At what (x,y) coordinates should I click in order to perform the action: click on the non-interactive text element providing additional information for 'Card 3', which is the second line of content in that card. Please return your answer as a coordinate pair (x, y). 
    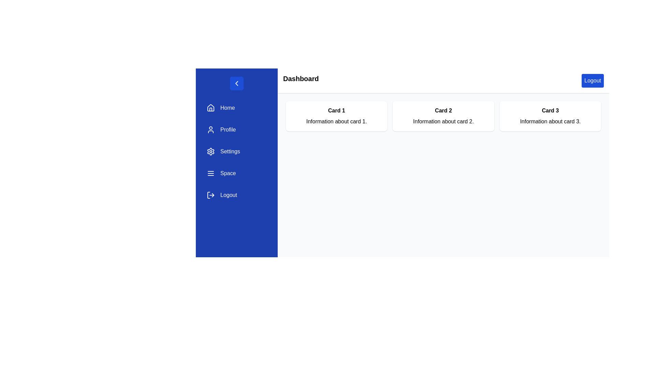
    Looking at the image, I should click on (550, 121).